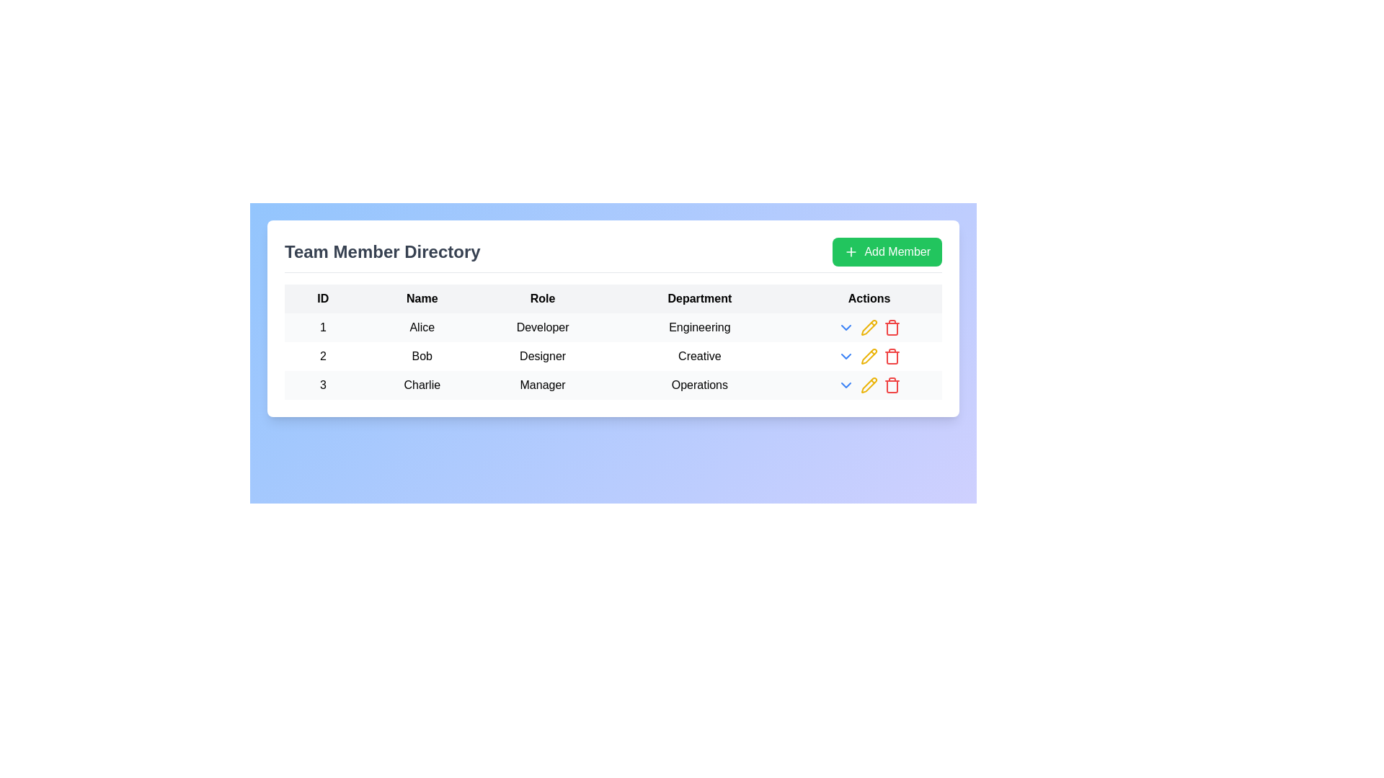 This screenshot has height=778, width=1384. I want to click on or highlight the first row of the table representing team member details for Alice, which includes fields such as ID, Name, Role, Department, and action buttons, so click(613, 328).